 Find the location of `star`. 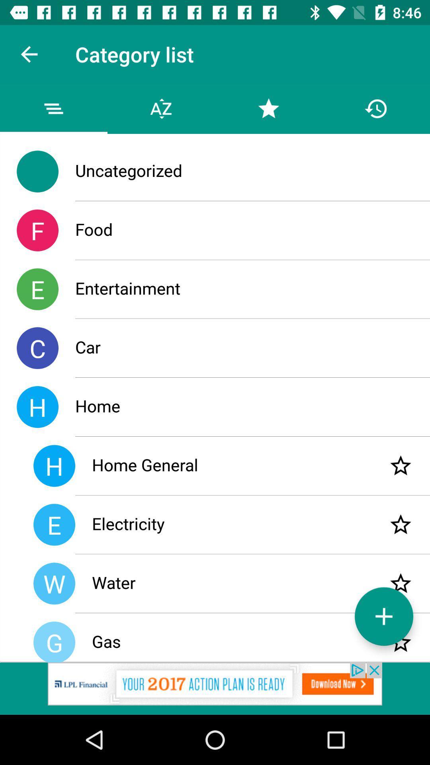

star is located at coordinates (401, 466).